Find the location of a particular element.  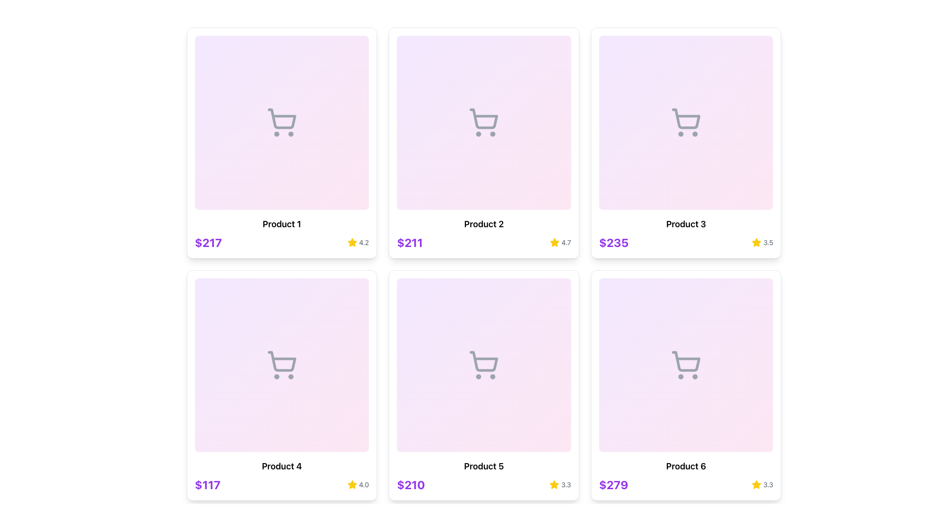

price displayed for 'Product 2' located in the bottom section of its card in the second column of the first row of a three-column grid layout is located at coordinates (410, 242).